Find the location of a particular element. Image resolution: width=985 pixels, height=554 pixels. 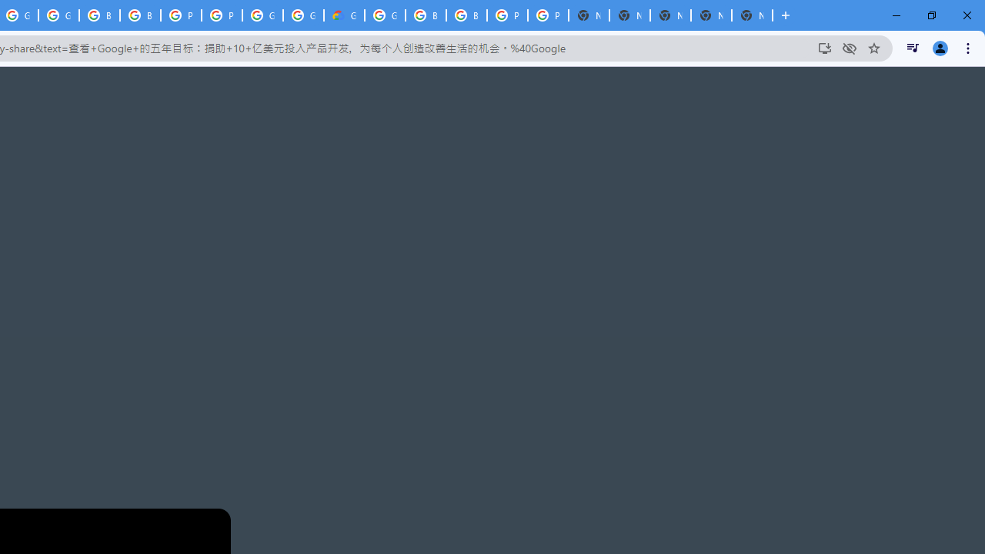

'New Tab' is located at coordinates (752, 15).